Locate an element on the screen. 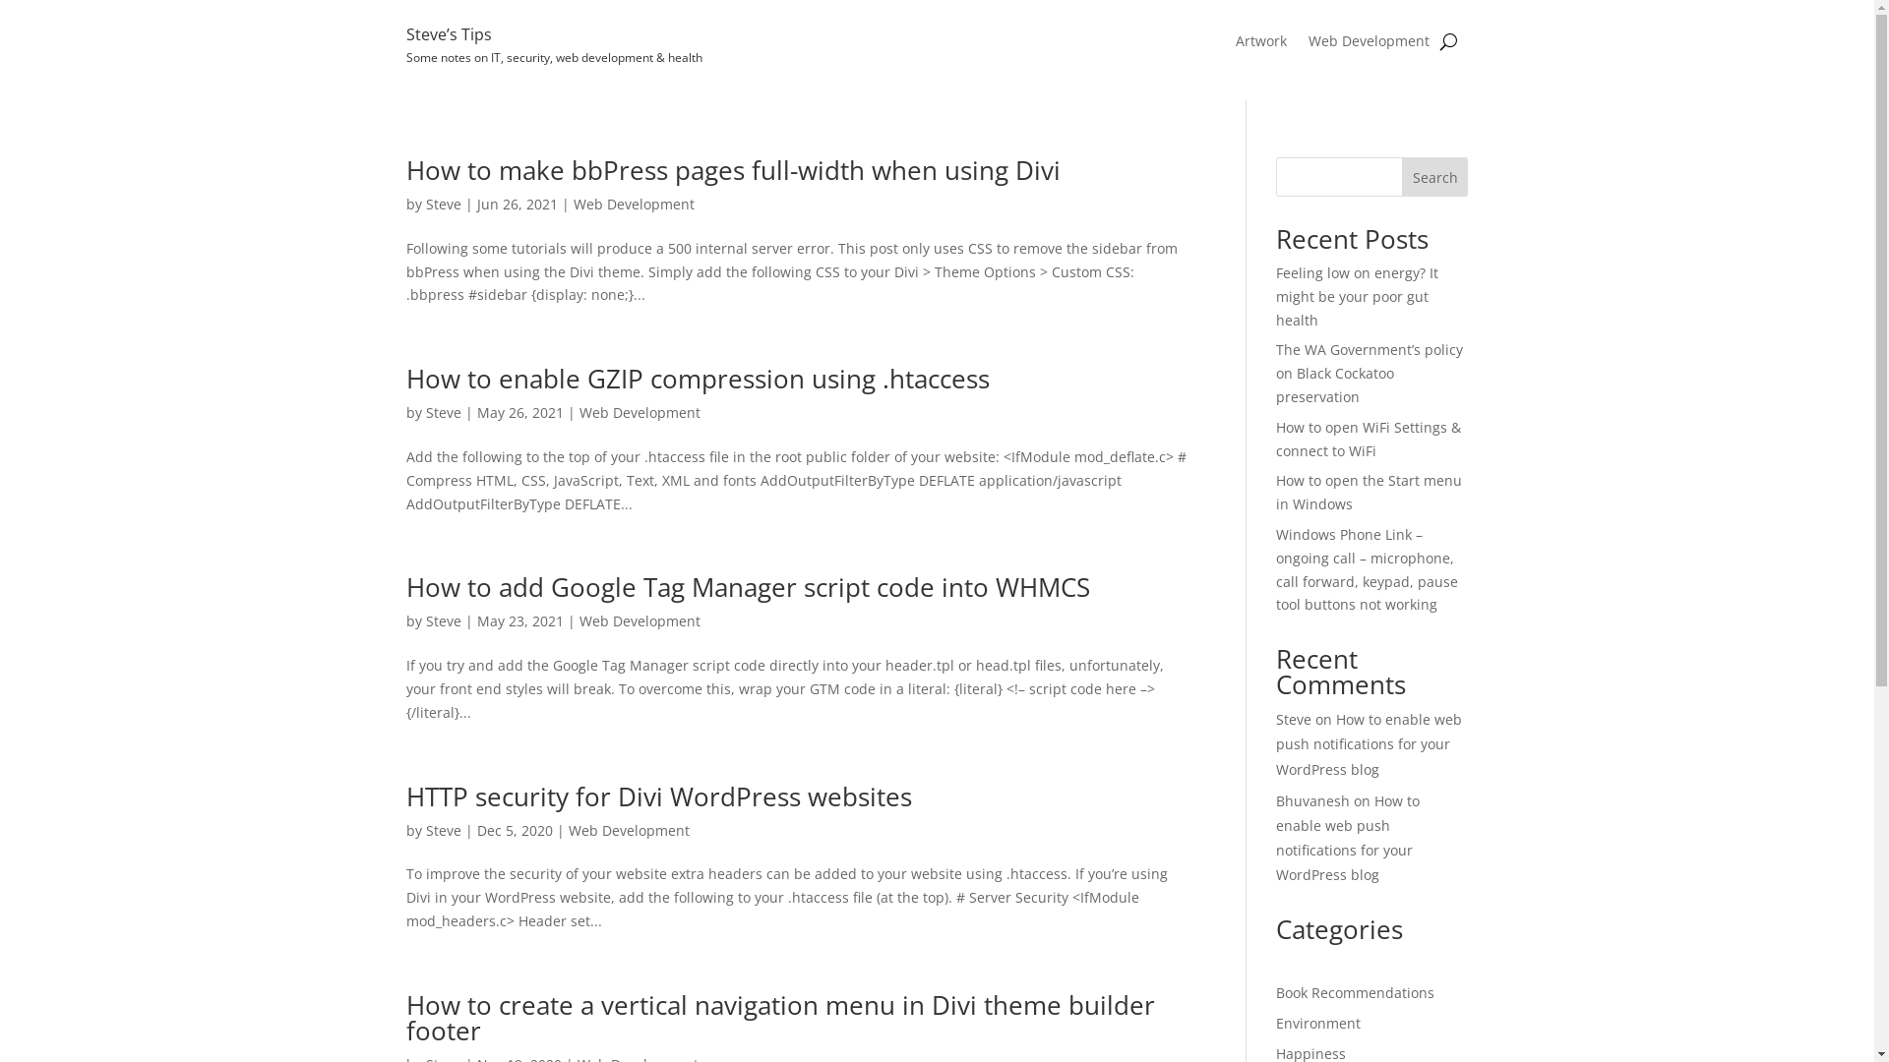  'Steve' is located at coordinates (424, 411).